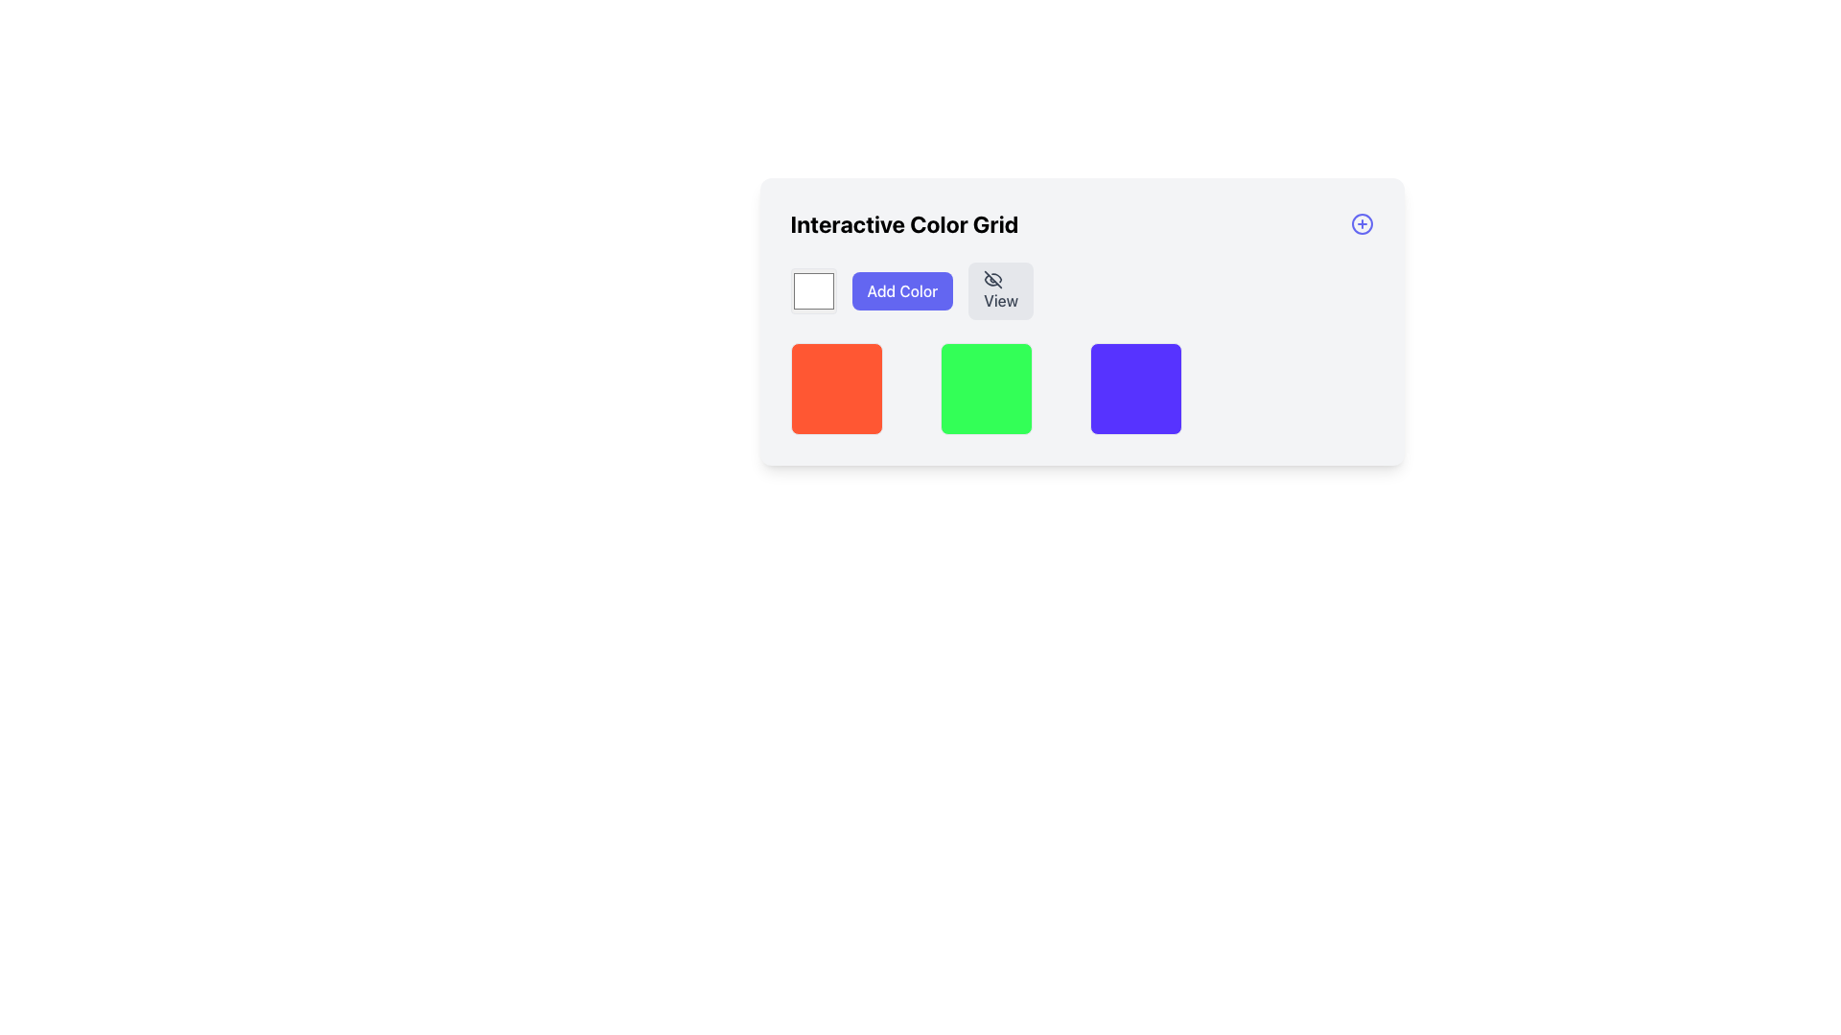 This screenshot has height=1035, width=1841. I want to click on the central area of the 'Interactive Color Grid', so click(1082, 388).